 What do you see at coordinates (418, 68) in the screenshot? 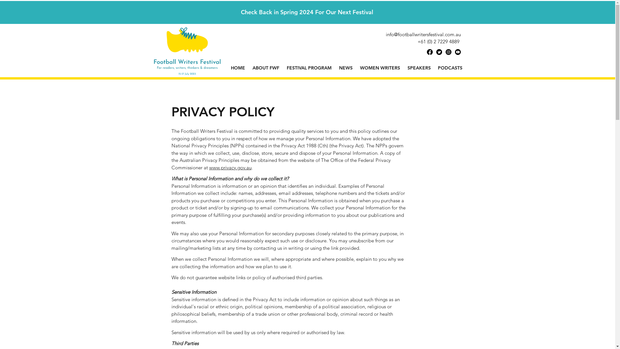
I see `'SPEAKERS'` at bounding box center [418, 68].